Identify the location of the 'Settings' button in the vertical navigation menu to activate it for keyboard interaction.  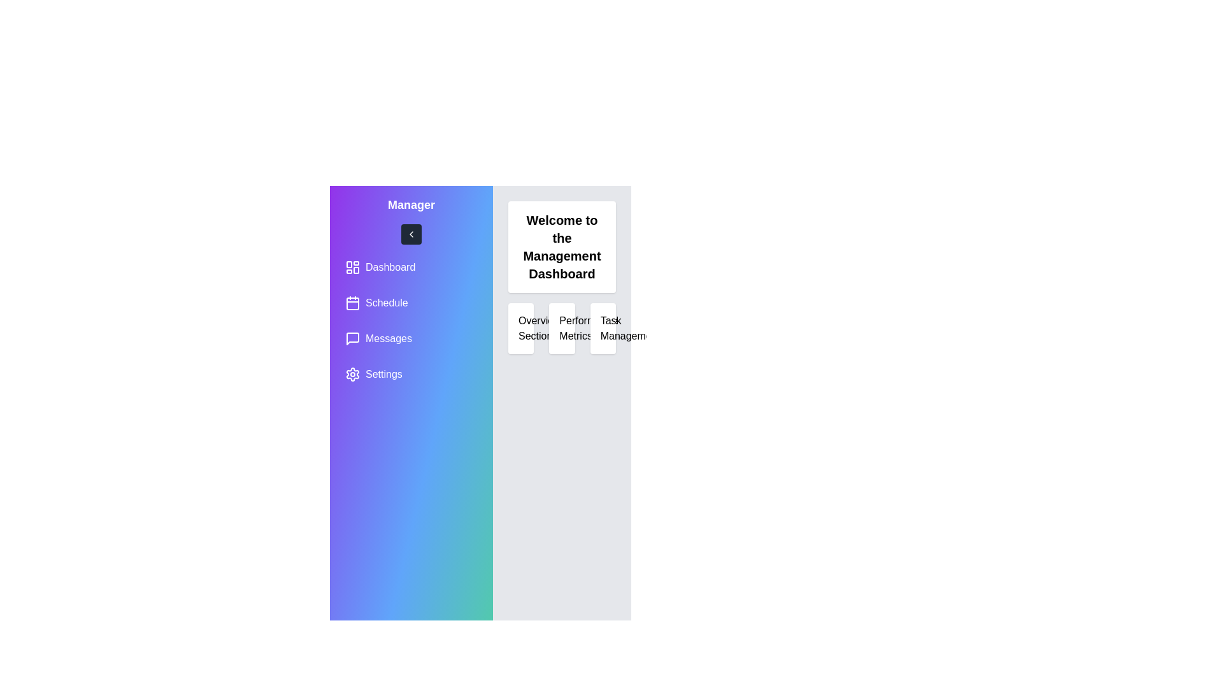
(411, 373).